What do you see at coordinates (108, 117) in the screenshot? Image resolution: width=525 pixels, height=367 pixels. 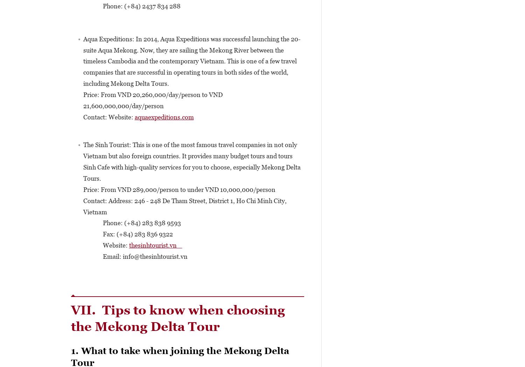 I see `'Contact: Website:'` at bounding box center [108, 117].